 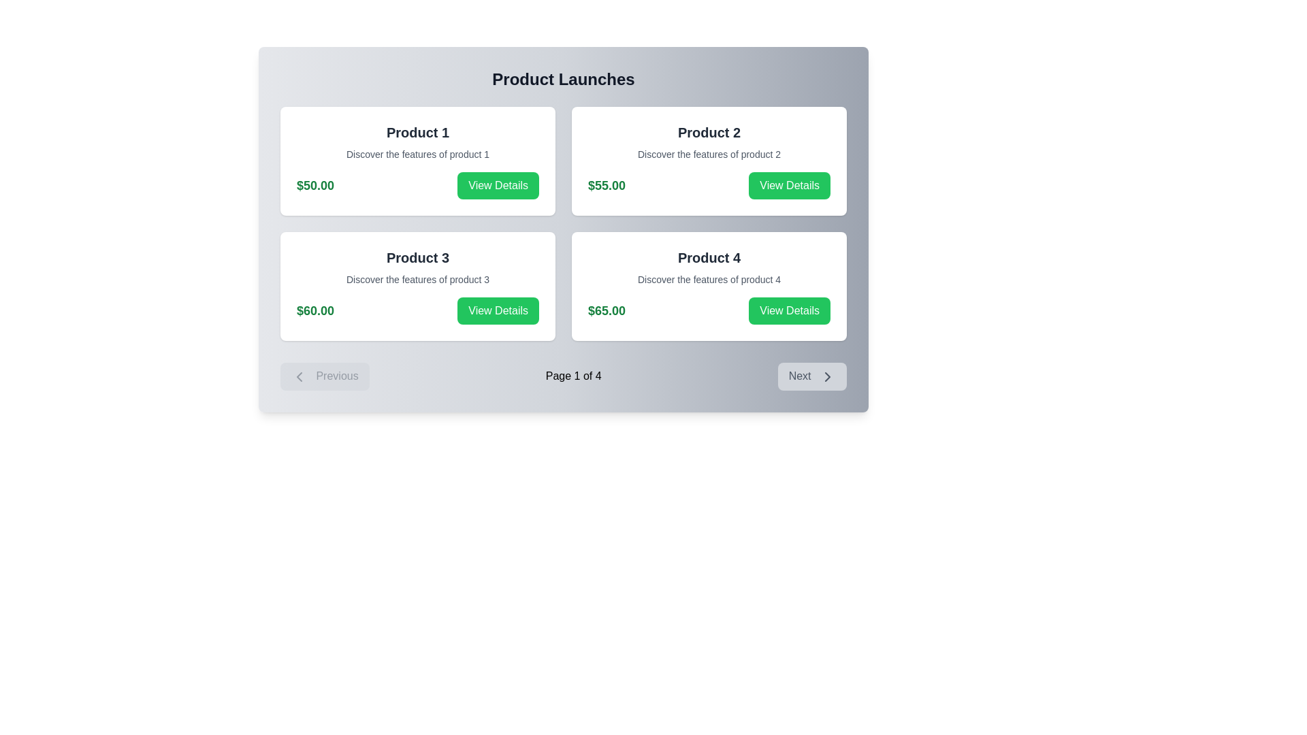 What do you see at coordinates (417, 279) in the screenshot?
I see `the text label displaying 'Discover the features of product 3', which is positioned below the title 'Product 3' and above the price and action button within the styled card` at bounding box center [417, 279].